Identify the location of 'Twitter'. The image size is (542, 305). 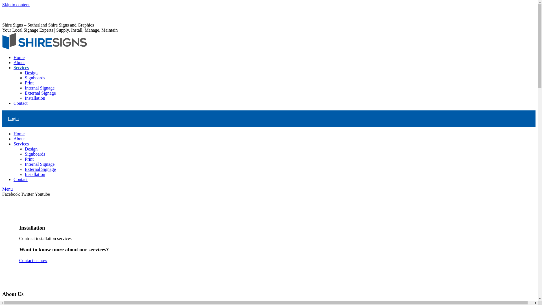
(27, 194).